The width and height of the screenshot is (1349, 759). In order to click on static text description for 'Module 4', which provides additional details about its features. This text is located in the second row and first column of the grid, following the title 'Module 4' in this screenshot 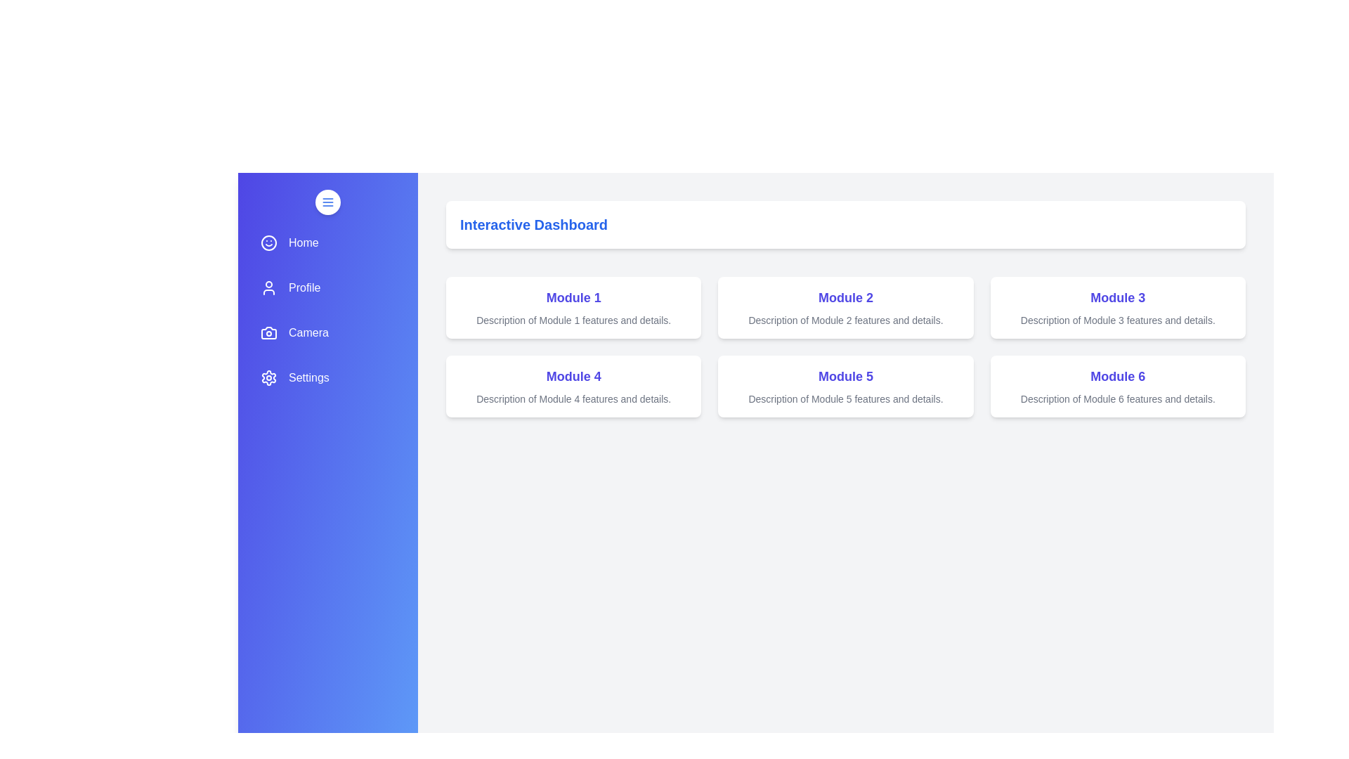, I will do `click(573, 398)`.